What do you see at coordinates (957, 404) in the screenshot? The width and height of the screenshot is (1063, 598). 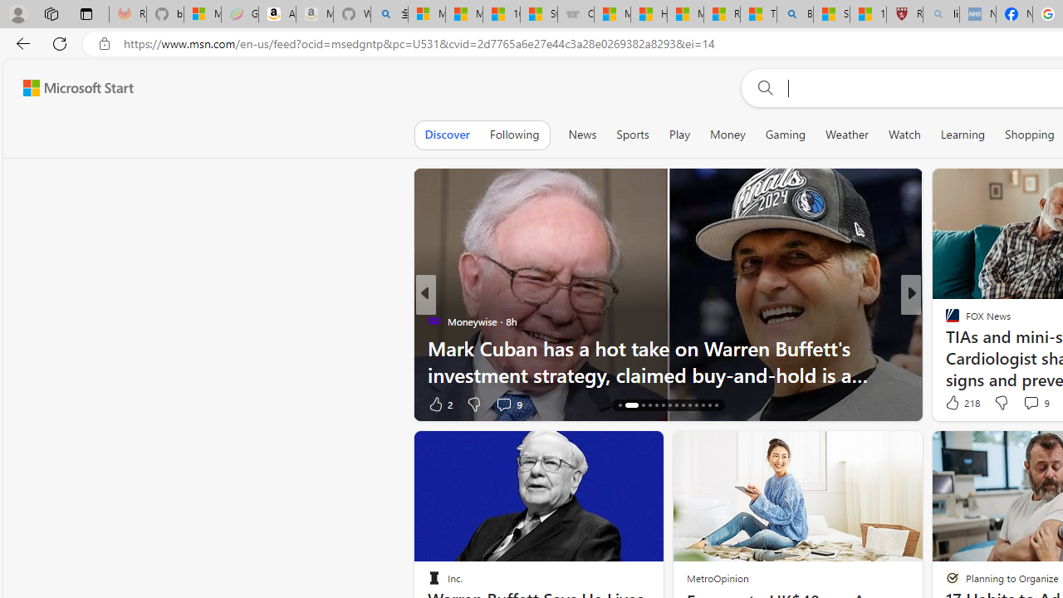 I see `'876 Like'` at bounding box center [957, 404].